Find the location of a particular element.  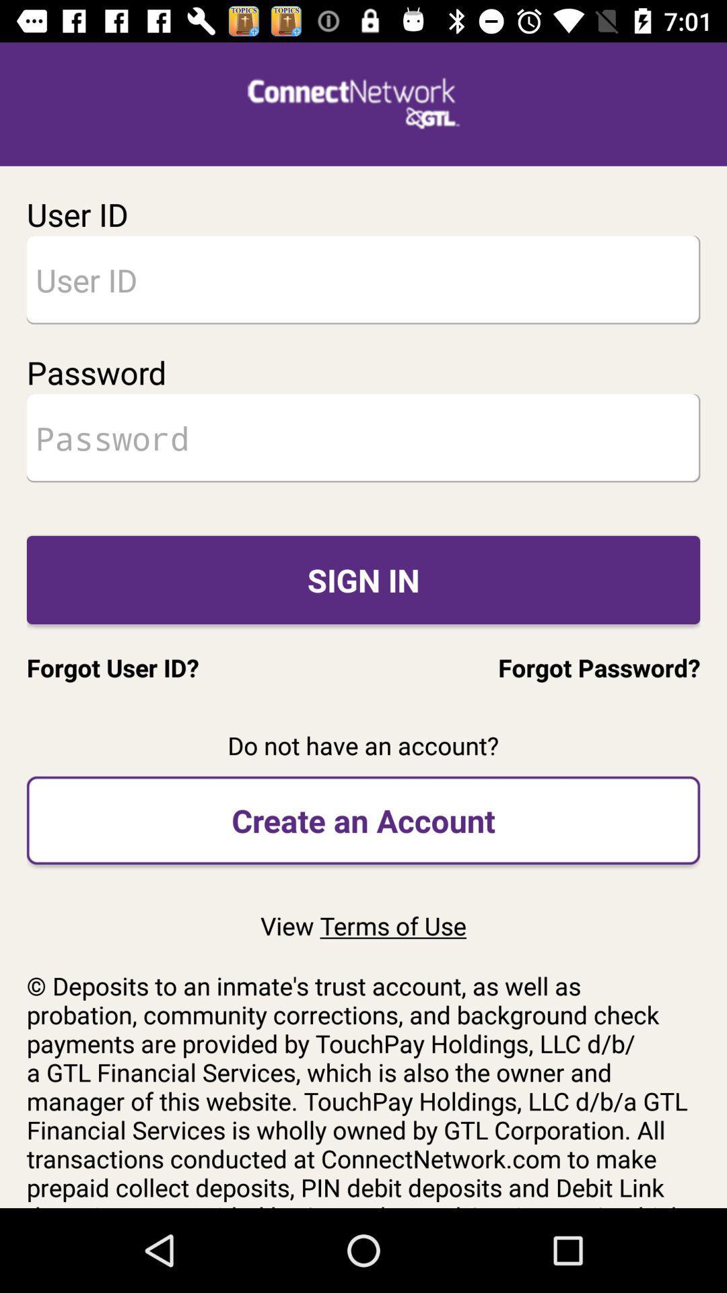

password box is located at coordinates (363, 438).